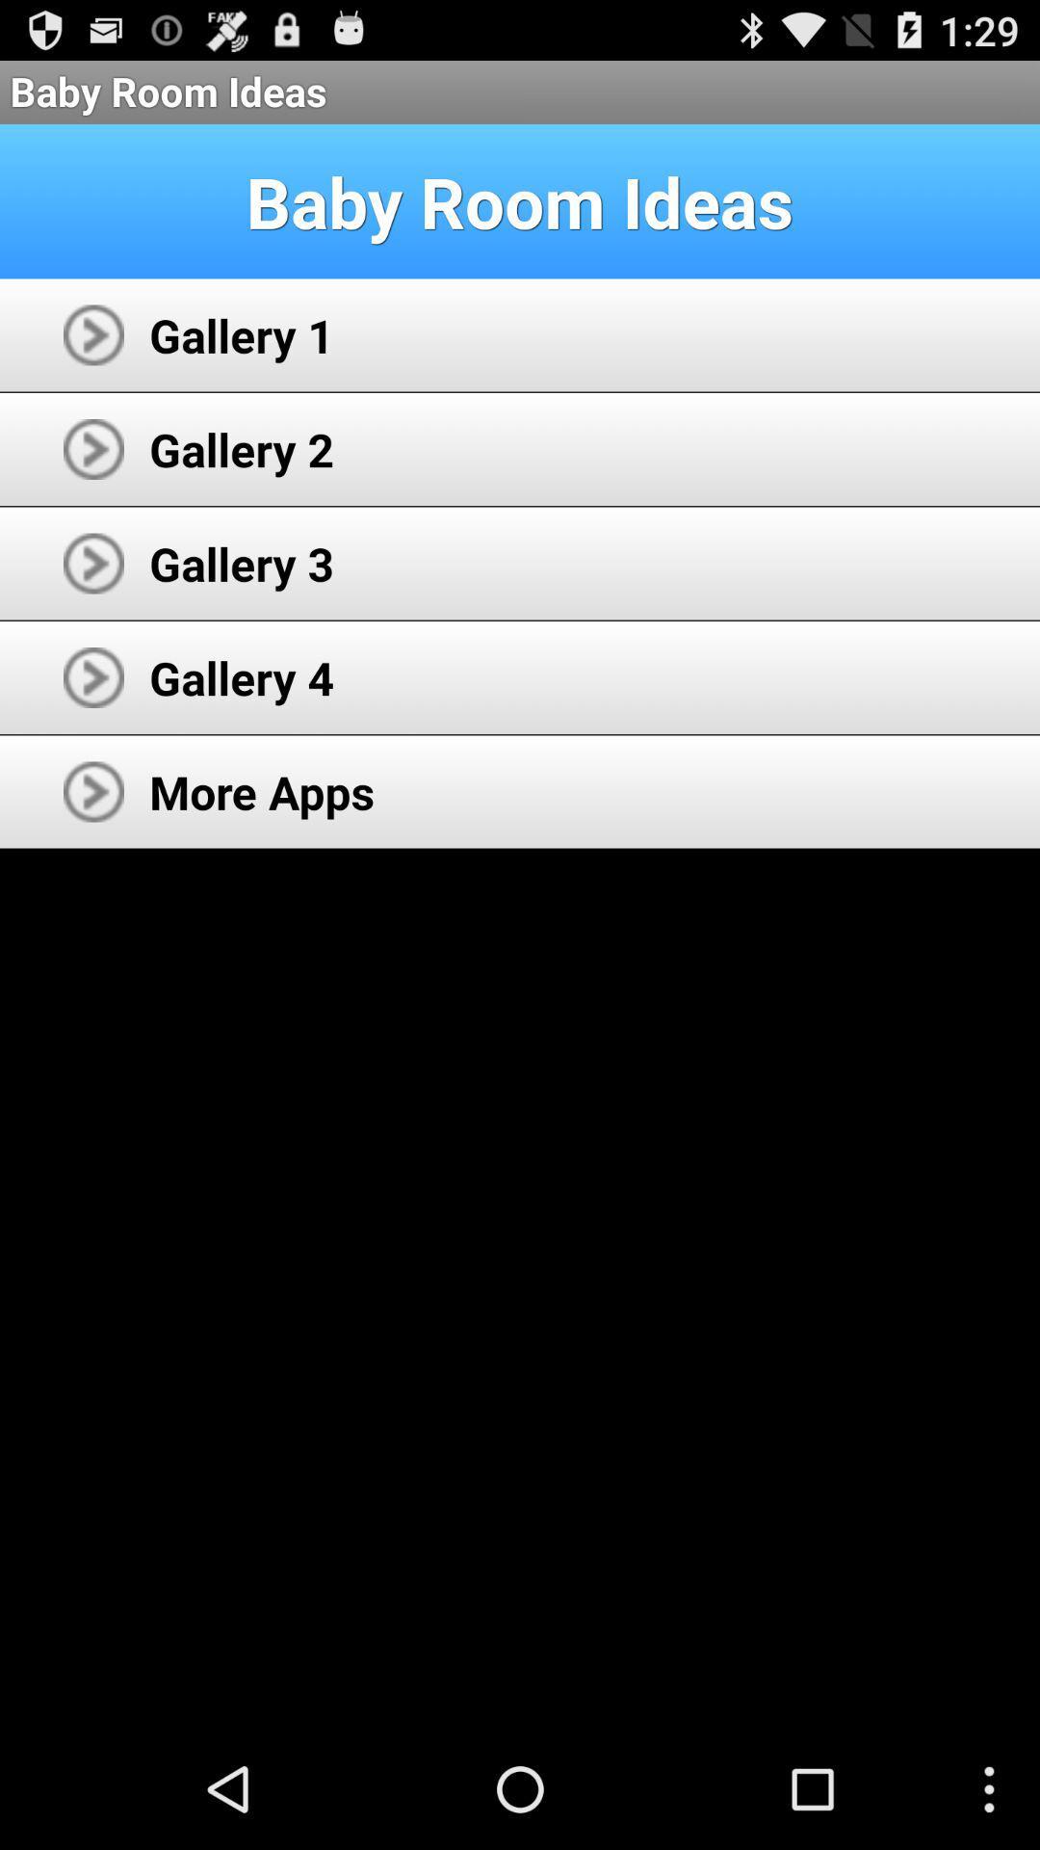 The image size is (1040, 1850). What do you see at coordinates (241, 677) in the screenshot?
I see `the gallery 4 app` at bounding box center [241, 677].